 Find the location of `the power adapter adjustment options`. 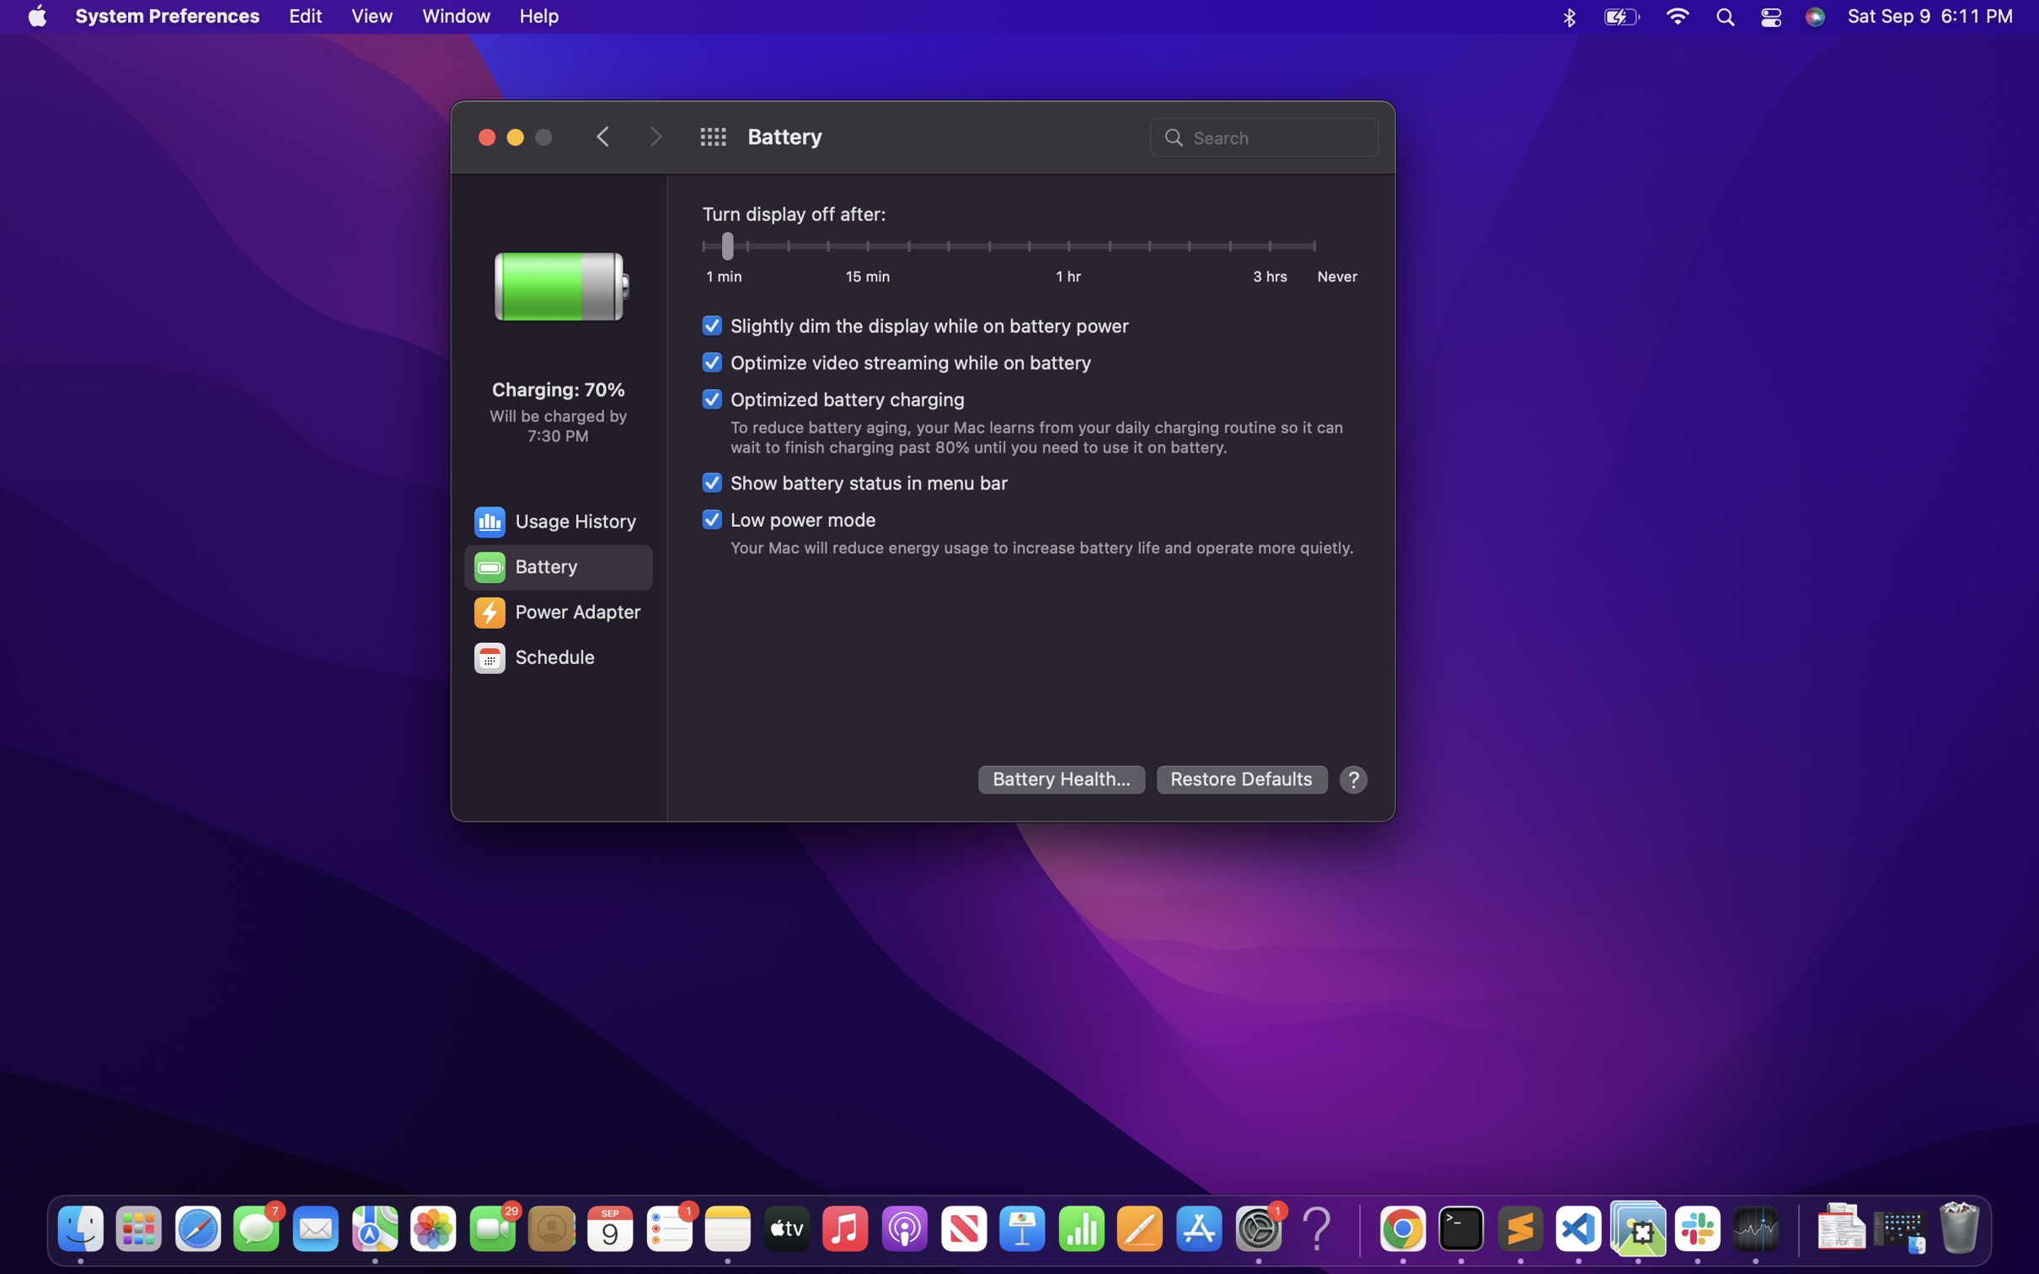

the power adapter adjustment options is located at coordinates (556, 613).